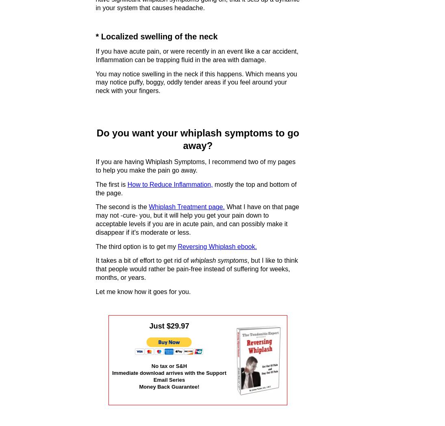 This screenshot has width=445, height=426. I want to click on 'It takes a bit of effort to get rid of', so click(143, 260).